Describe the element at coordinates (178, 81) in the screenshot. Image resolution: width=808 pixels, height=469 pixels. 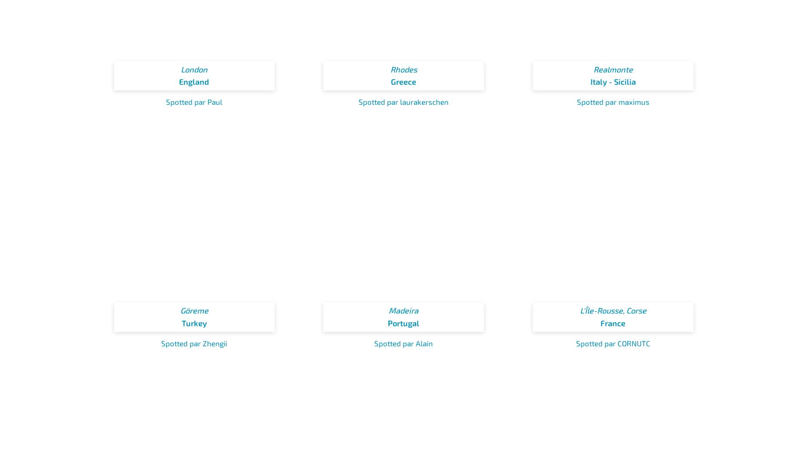
I see `'England'` at that location.